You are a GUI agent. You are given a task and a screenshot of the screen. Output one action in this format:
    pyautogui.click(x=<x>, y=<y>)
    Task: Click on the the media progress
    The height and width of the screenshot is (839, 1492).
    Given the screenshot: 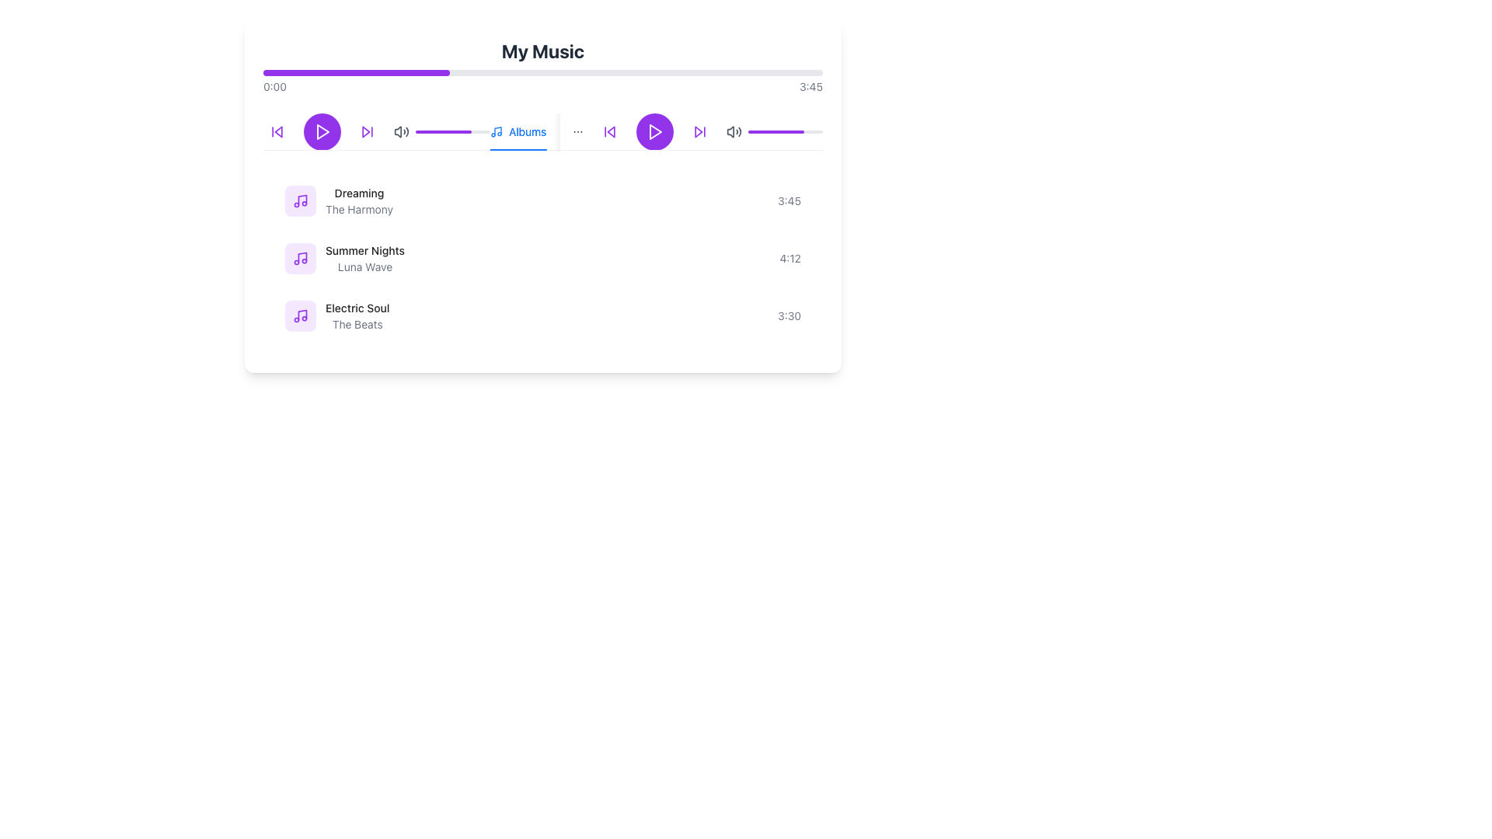 What is the action you would take?
    pyautogui.click(x=282, y=72)
    